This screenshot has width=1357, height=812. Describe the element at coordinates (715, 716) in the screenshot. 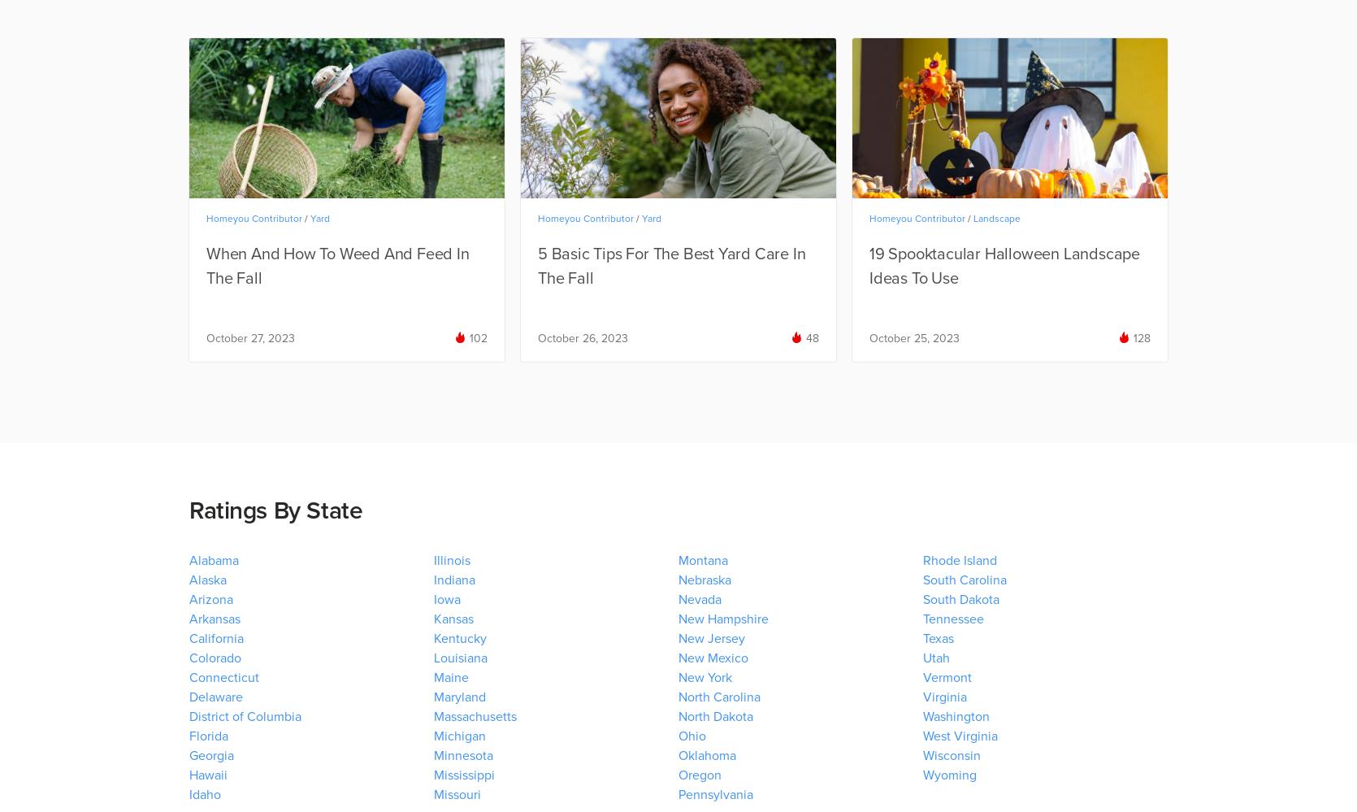

I see `'North Dakota'` at that location.